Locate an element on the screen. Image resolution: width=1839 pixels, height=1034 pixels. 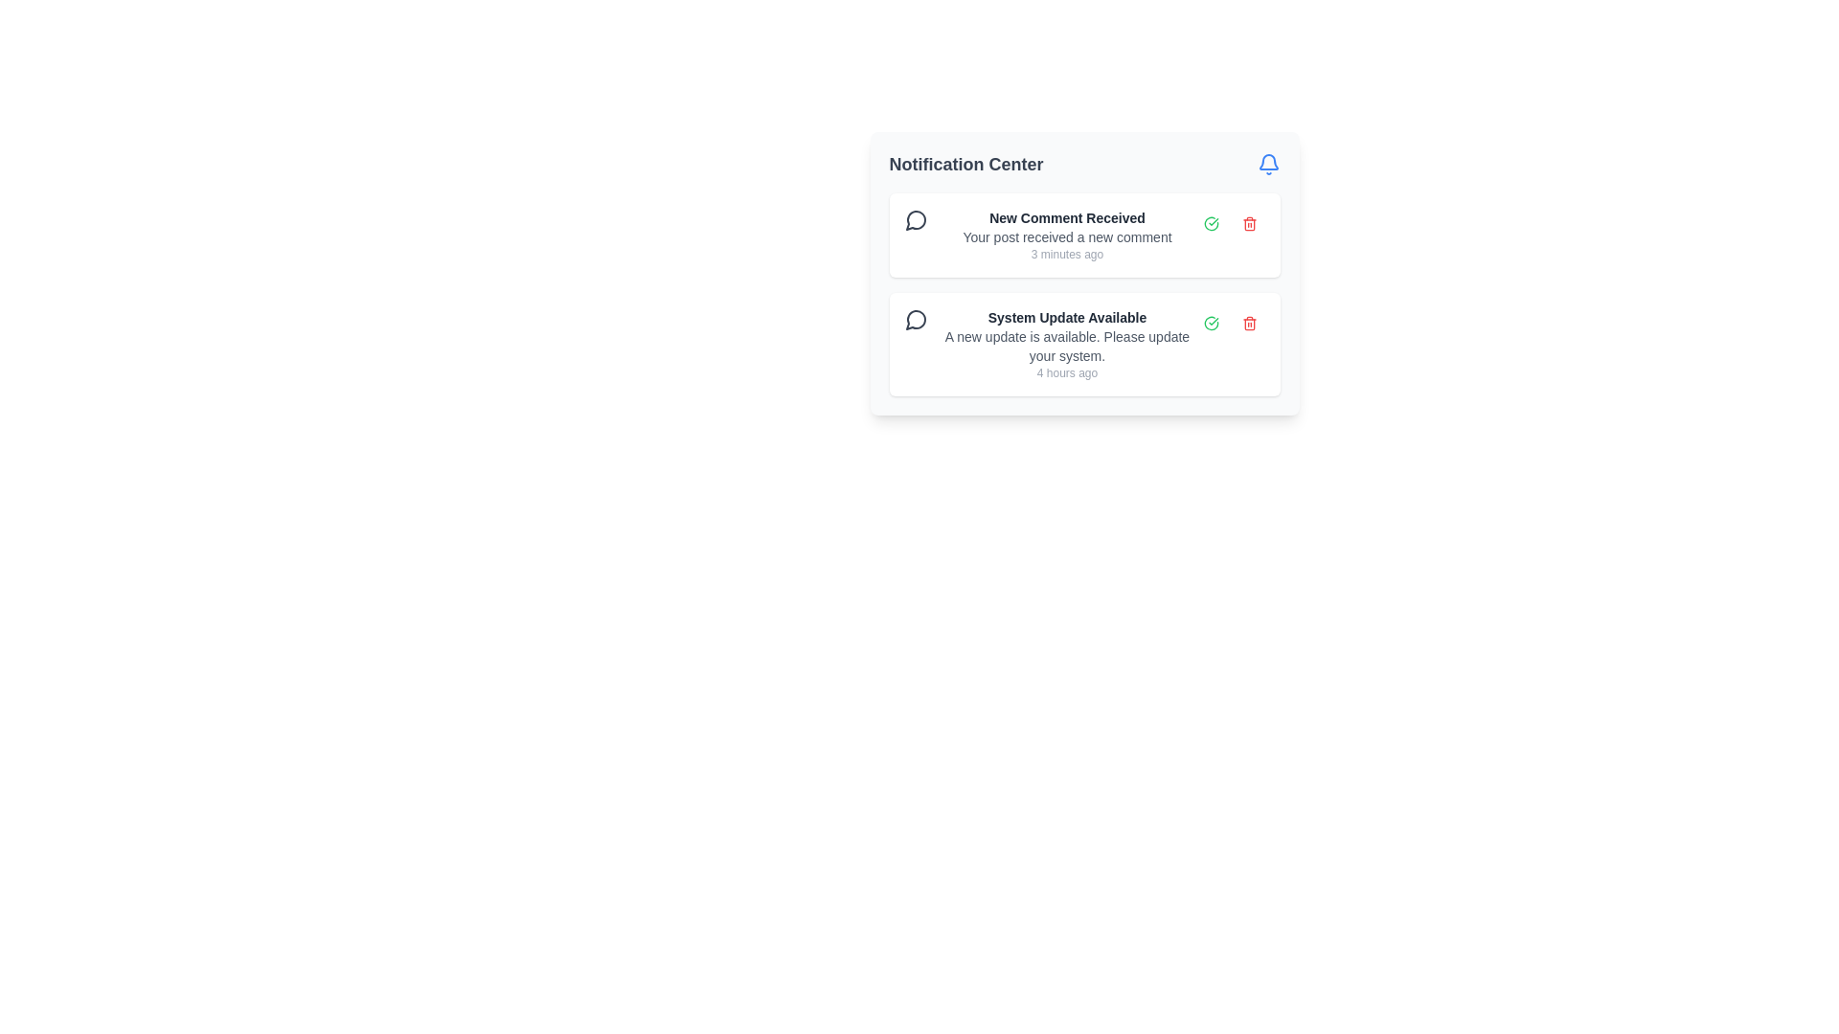
the red trash icon button, which is located at the far right of the notification titled 'System Update Available' is located at coordinates (1249, 323).